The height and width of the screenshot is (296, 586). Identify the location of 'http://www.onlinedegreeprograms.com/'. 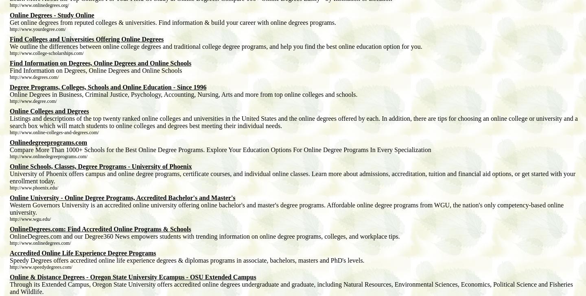
(48, 156).